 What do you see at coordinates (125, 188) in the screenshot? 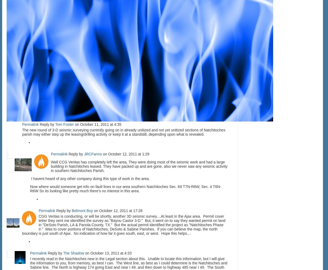
I see `'Now where would someone get info on fault lines in our area southern Natchitoches Sec. 69 T7N-R6W, Sec. 4 T6N-R6W So its looking like pretty much there's no interest in this area.'` at bounding box center [125, 188].